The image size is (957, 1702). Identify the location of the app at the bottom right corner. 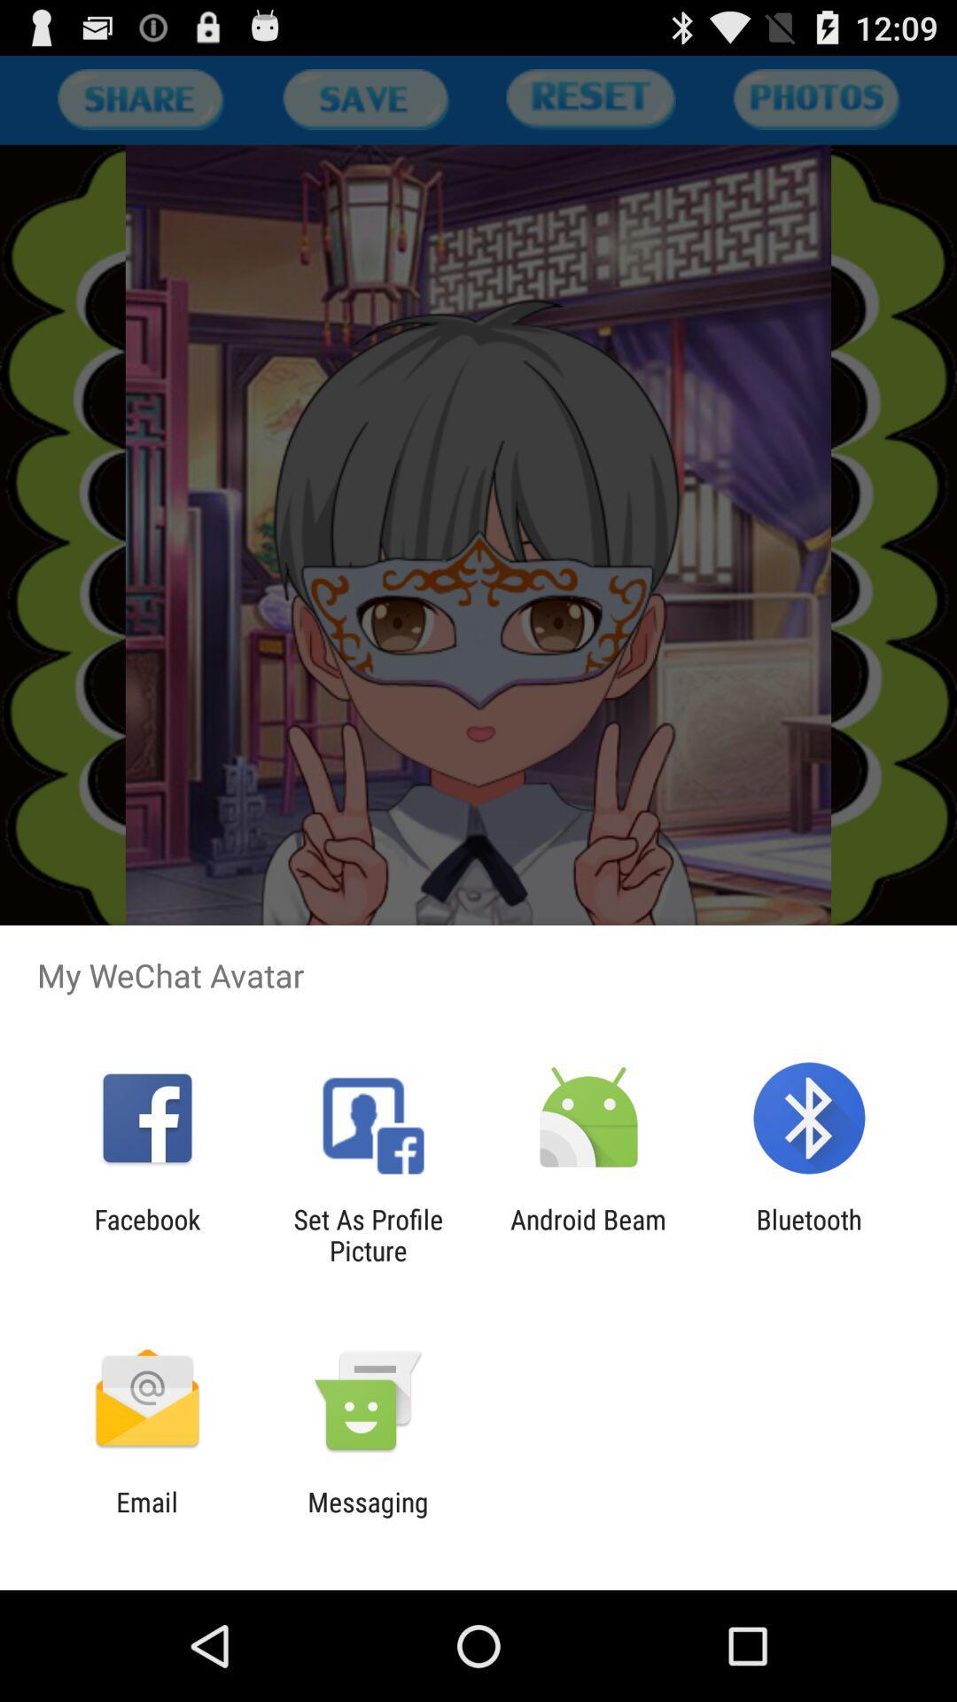
(809, 1234).